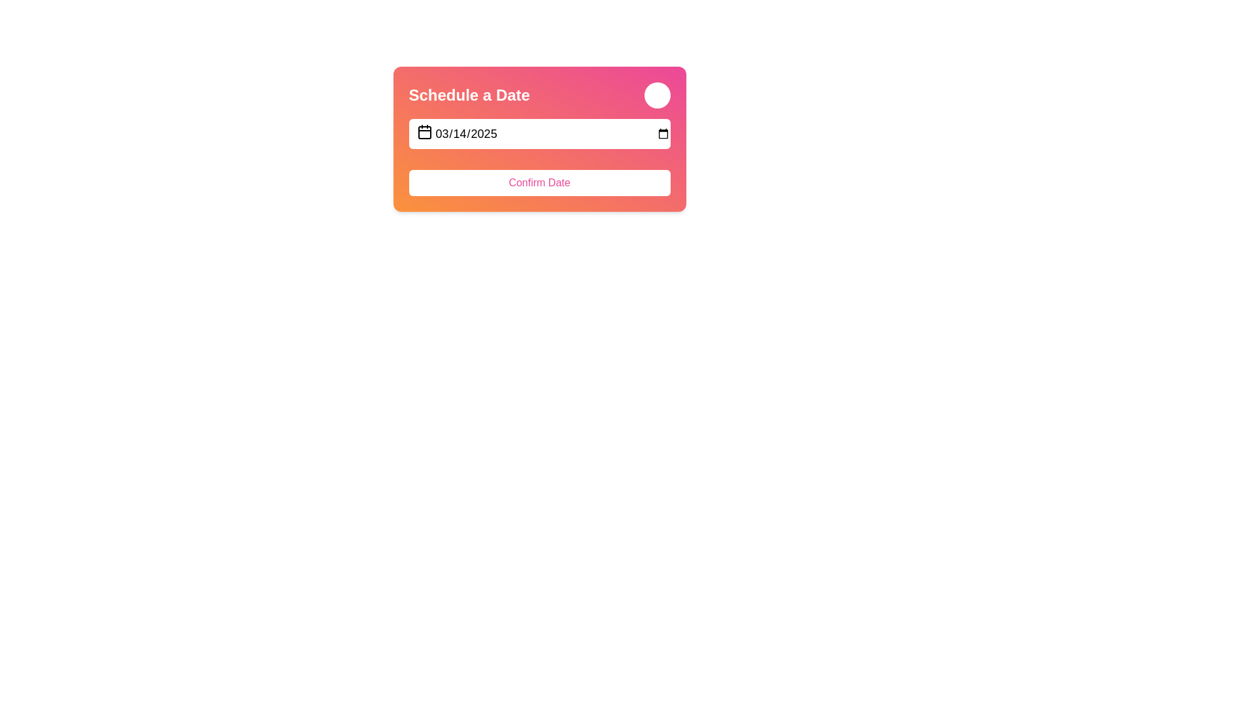  What do you see at coordinates (657, 95) in the screenshot?
I see `the interactive button located at the rightmost position in the header of the card, adjacent` at bounding box center [657, 95].